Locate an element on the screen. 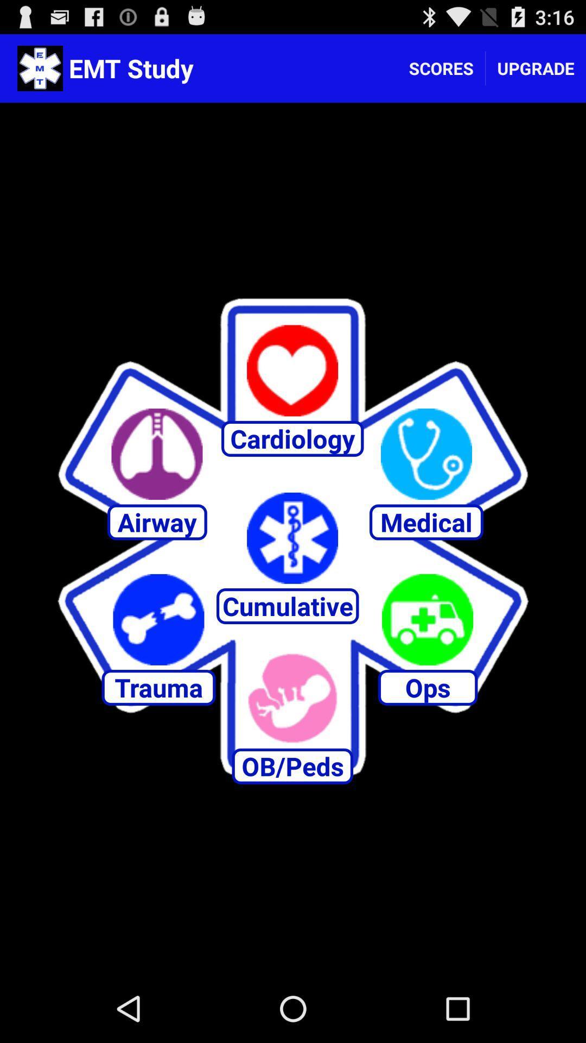 This screenshot has width=586, height=1043. open medical section is located at coordinates (426, 454).